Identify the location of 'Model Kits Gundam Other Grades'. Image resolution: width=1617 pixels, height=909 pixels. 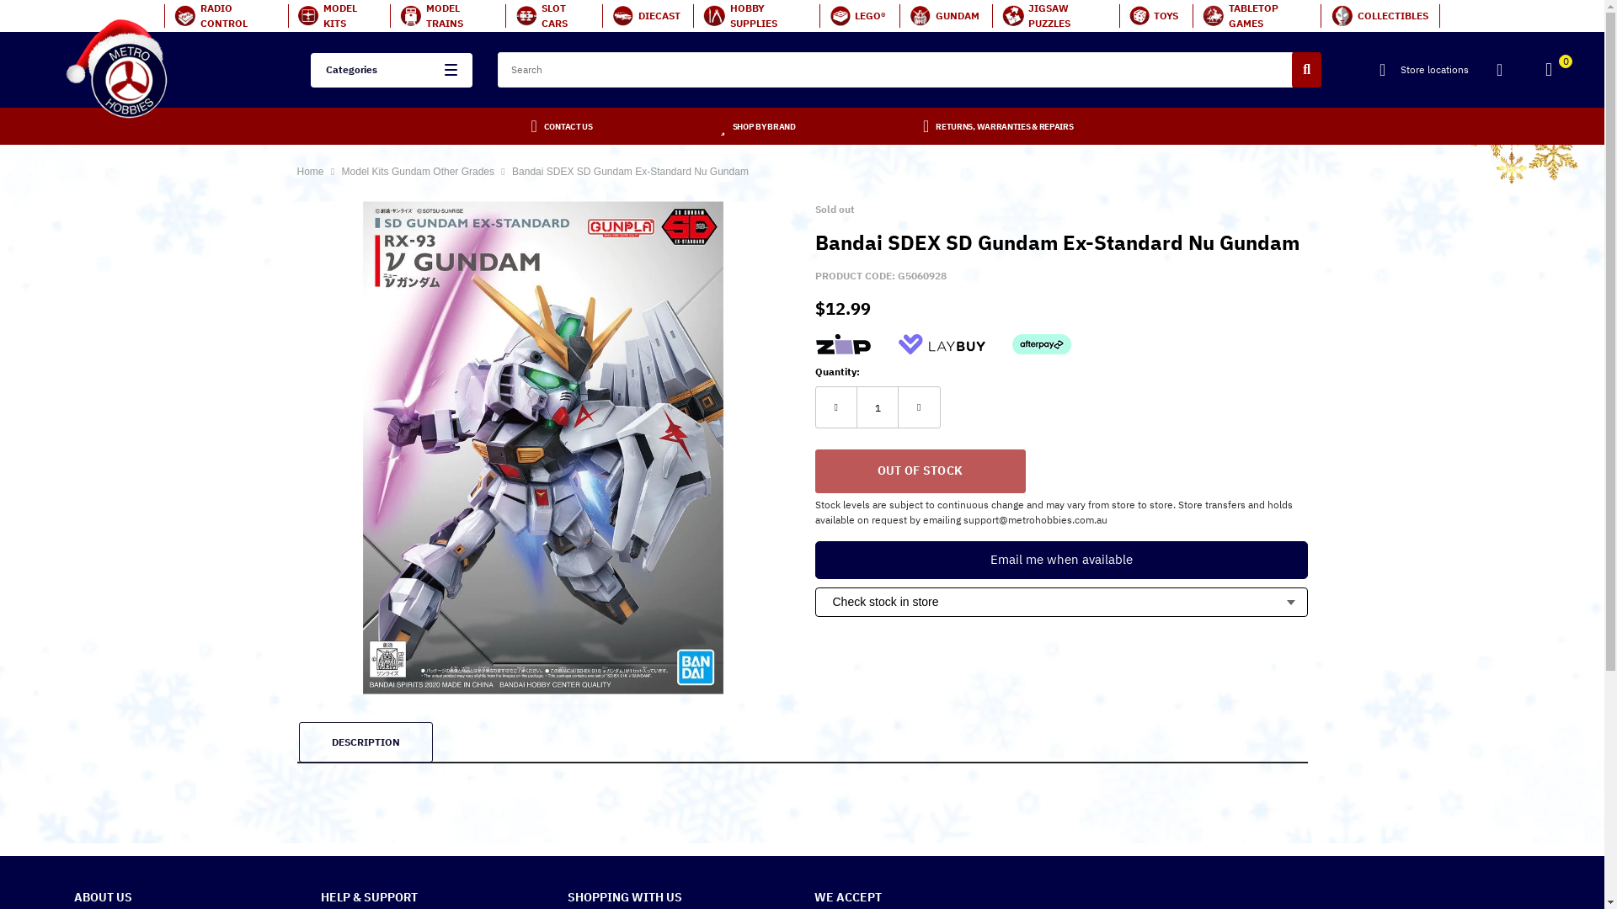
(419, 172).